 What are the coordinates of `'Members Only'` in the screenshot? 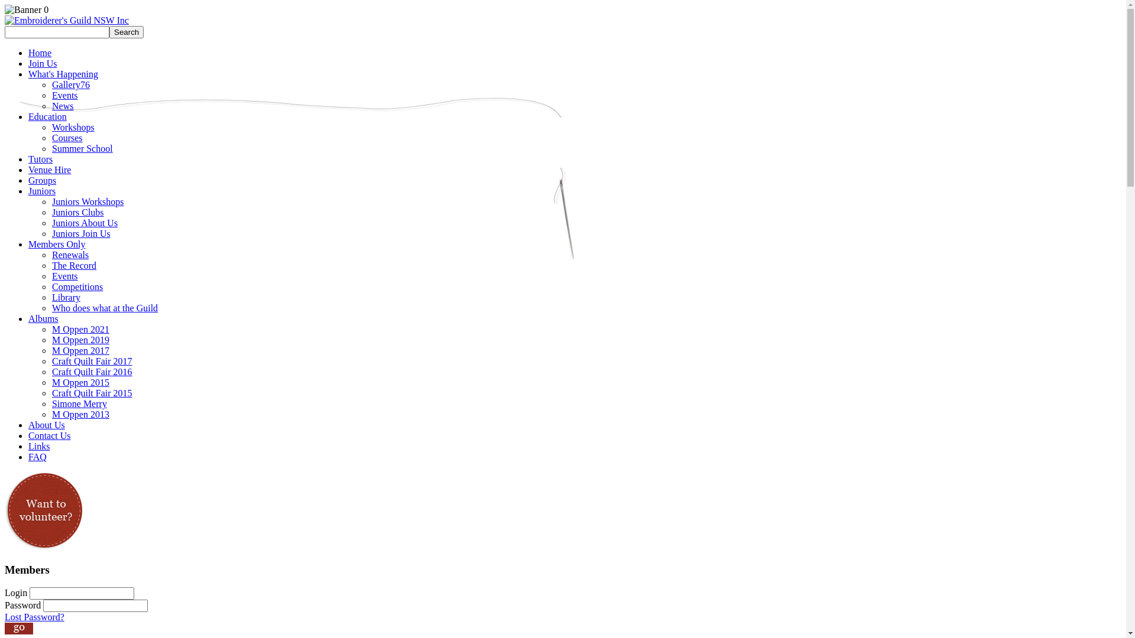 It's located at (56, 243).